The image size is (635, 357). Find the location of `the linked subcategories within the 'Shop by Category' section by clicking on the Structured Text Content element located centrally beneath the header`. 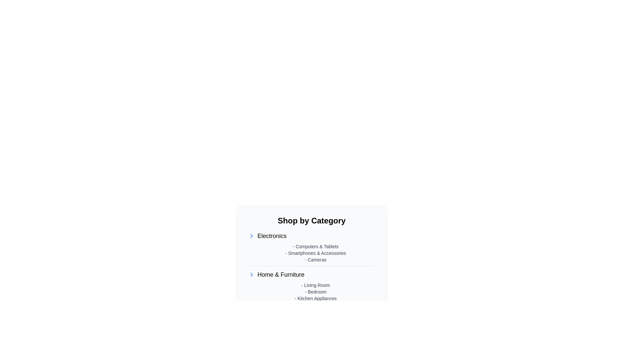

the linked subcategories within the 'Shop by Category' section by clicking on the Structured Text Content element located centrally beneath the header is located at coordinates (311, 287).